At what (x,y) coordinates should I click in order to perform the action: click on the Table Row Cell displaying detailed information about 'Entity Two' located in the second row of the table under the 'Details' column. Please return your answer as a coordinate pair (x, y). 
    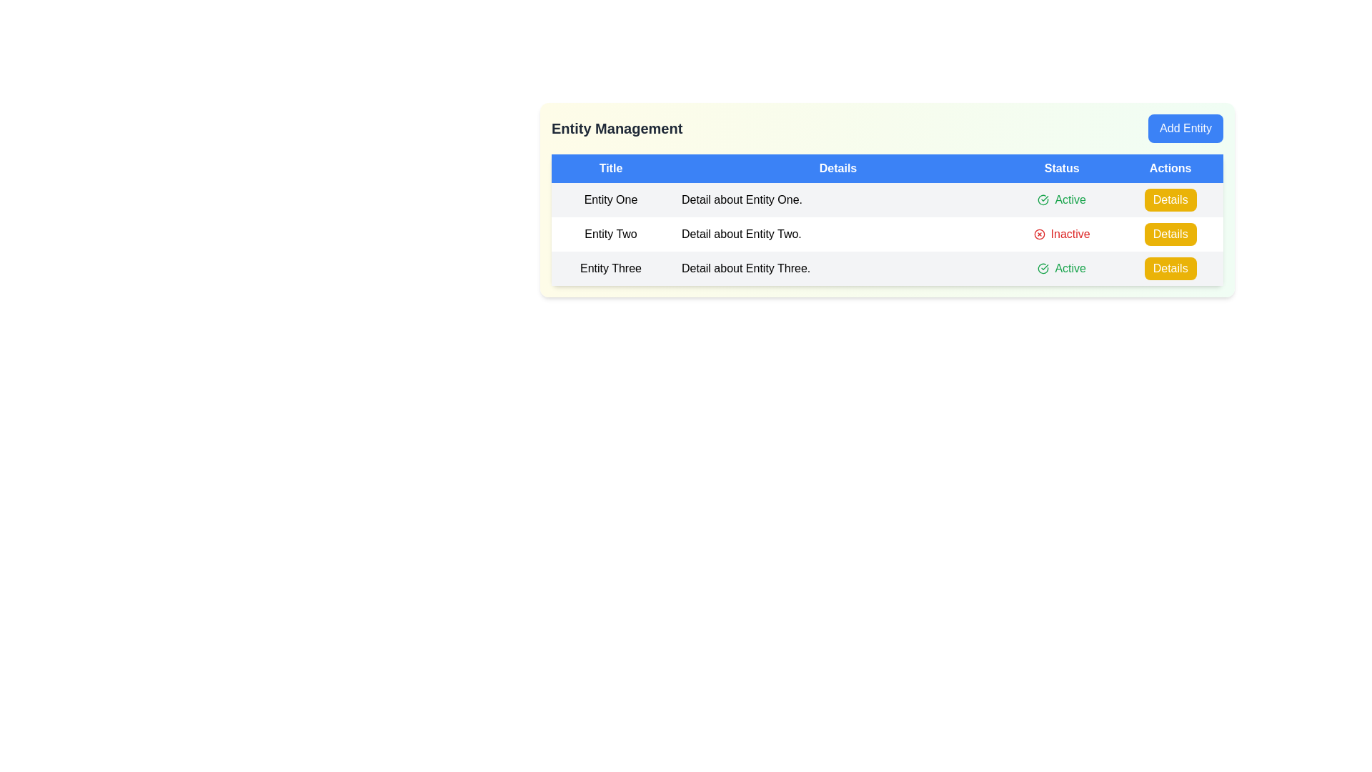
    Looking at the image, I should click on (887, 233).